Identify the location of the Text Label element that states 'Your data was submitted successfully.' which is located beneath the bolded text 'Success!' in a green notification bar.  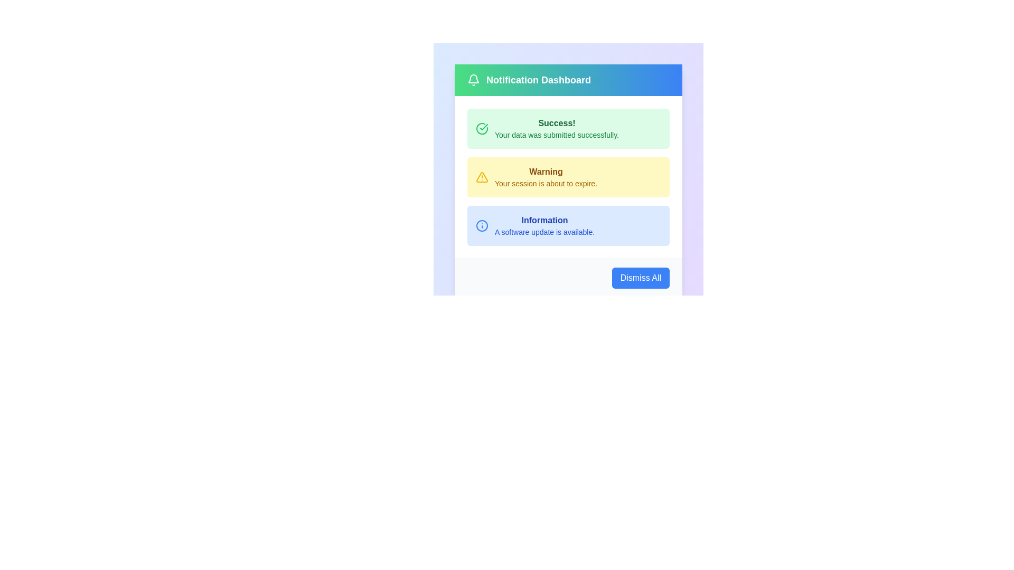
(556, 134).